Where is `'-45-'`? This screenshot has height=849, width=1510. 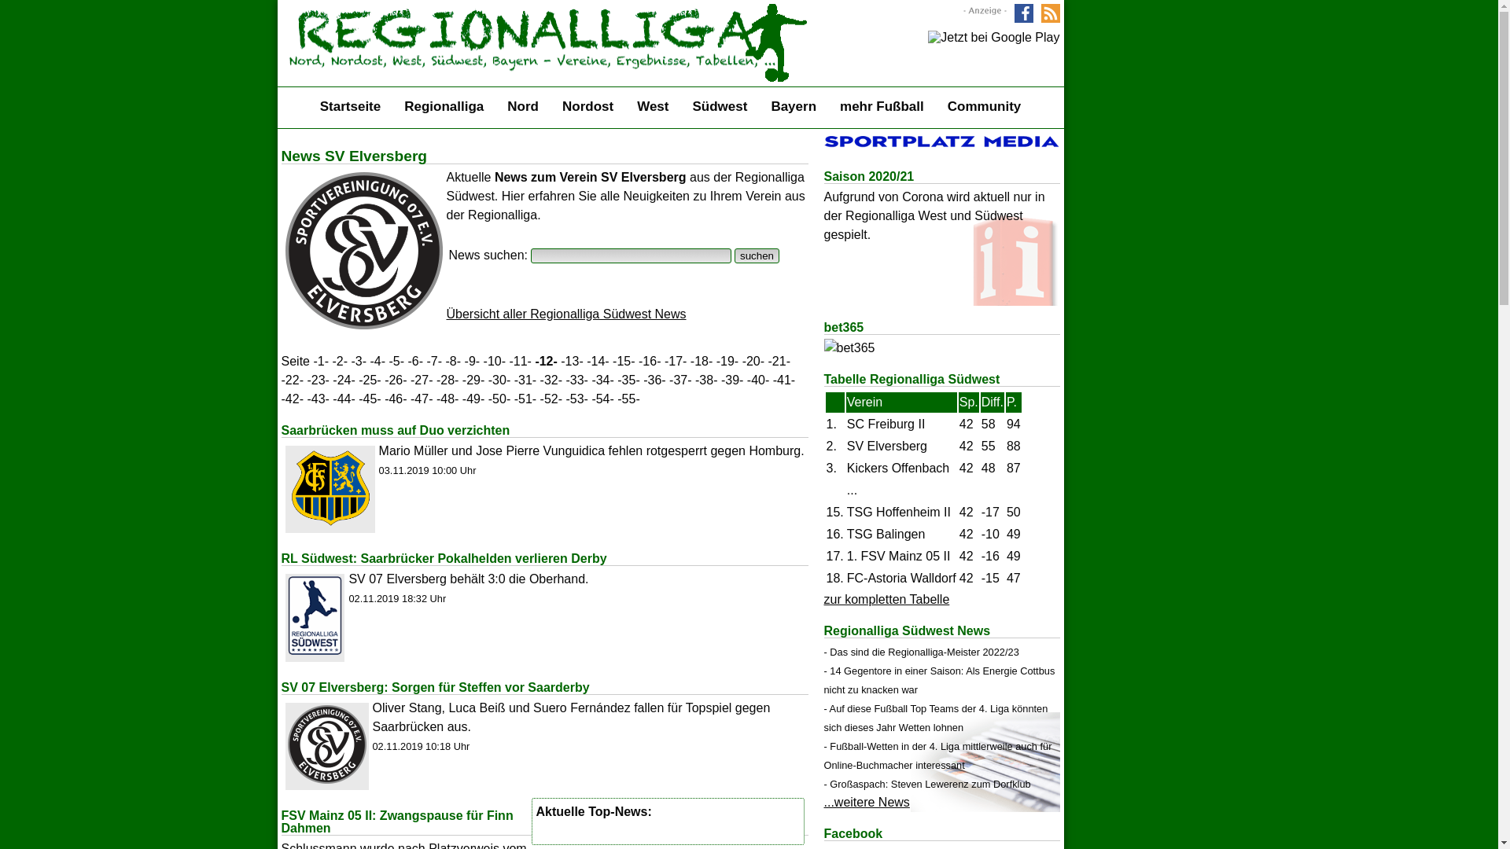 '-45-' is located at coordinates (369, 398).